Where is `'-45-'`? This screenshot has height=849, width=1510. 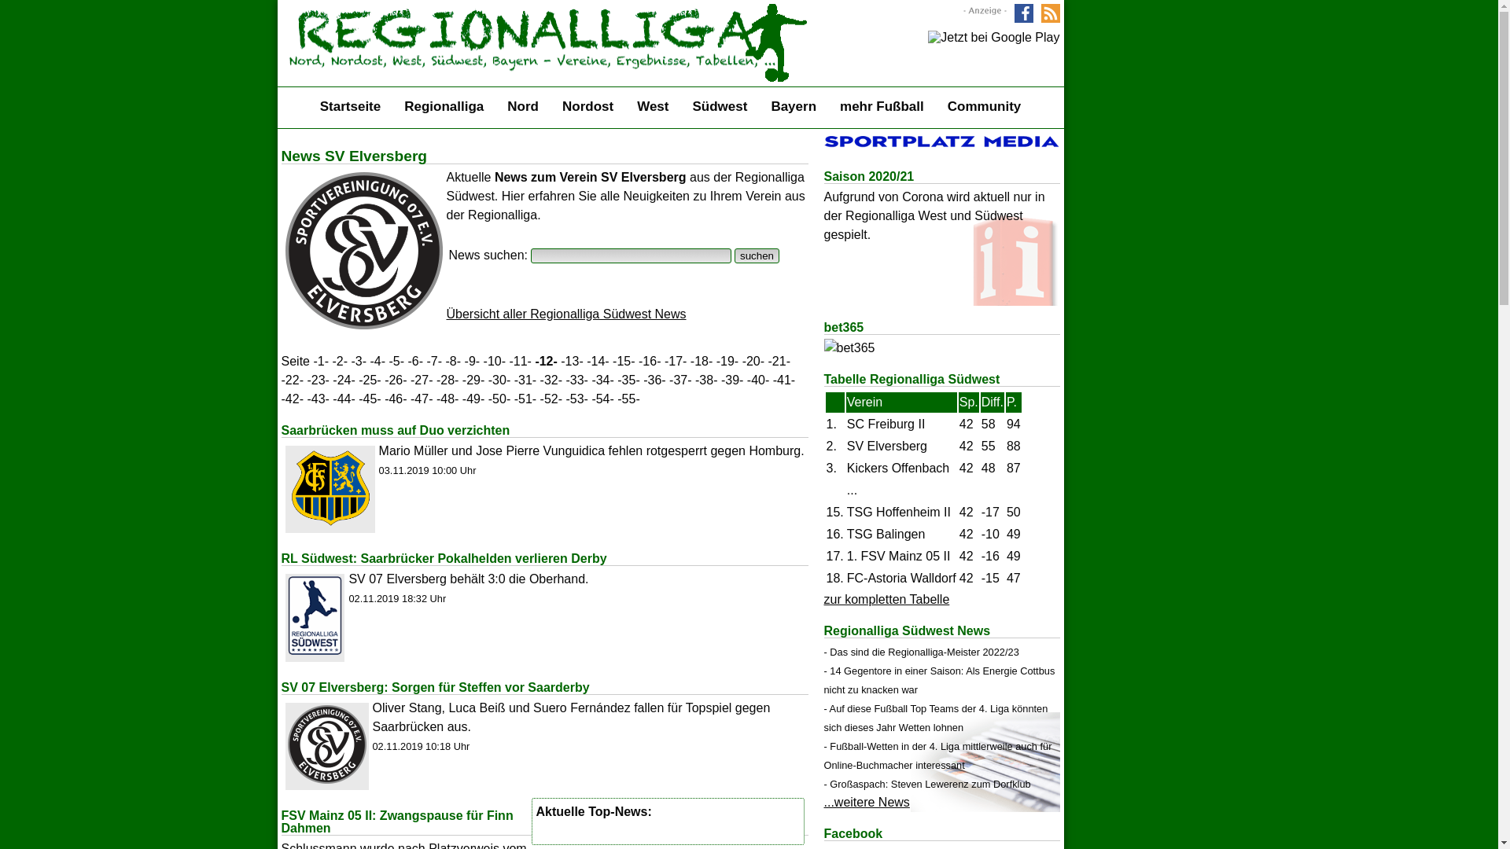 '-45-' is located at coordinates (369, 398).